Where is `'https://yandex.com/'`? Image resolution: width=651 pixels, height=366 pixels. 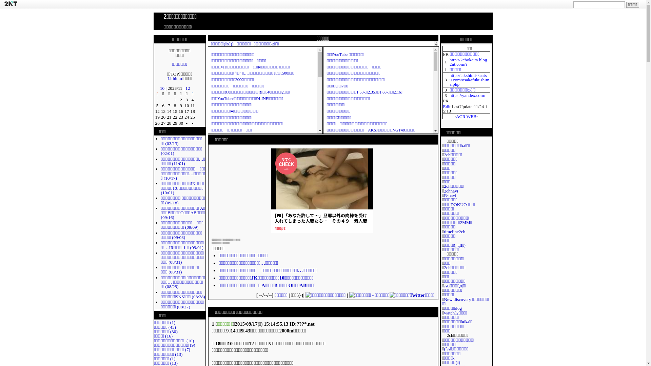 'https://yandex.com/' is located at coordinates (467, 95).